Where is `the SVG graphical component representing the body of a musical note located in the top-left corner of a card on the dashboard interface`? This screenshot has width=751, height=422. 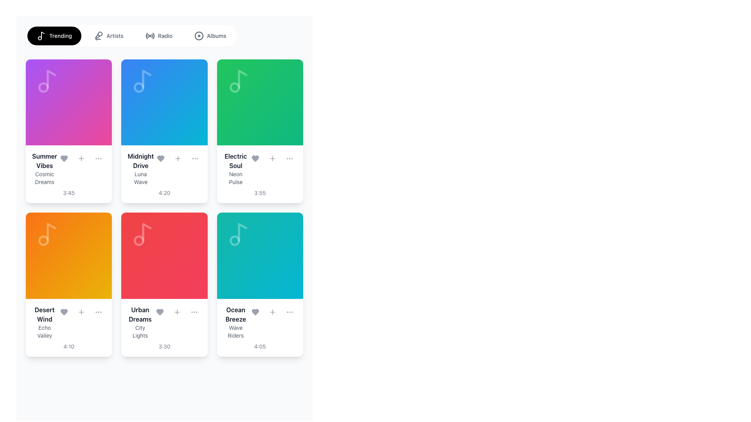 the SVG graphical component representing the body of a musical note located in the top-left corner of a card on the dashboard interface is located at coordinates (51, 79).